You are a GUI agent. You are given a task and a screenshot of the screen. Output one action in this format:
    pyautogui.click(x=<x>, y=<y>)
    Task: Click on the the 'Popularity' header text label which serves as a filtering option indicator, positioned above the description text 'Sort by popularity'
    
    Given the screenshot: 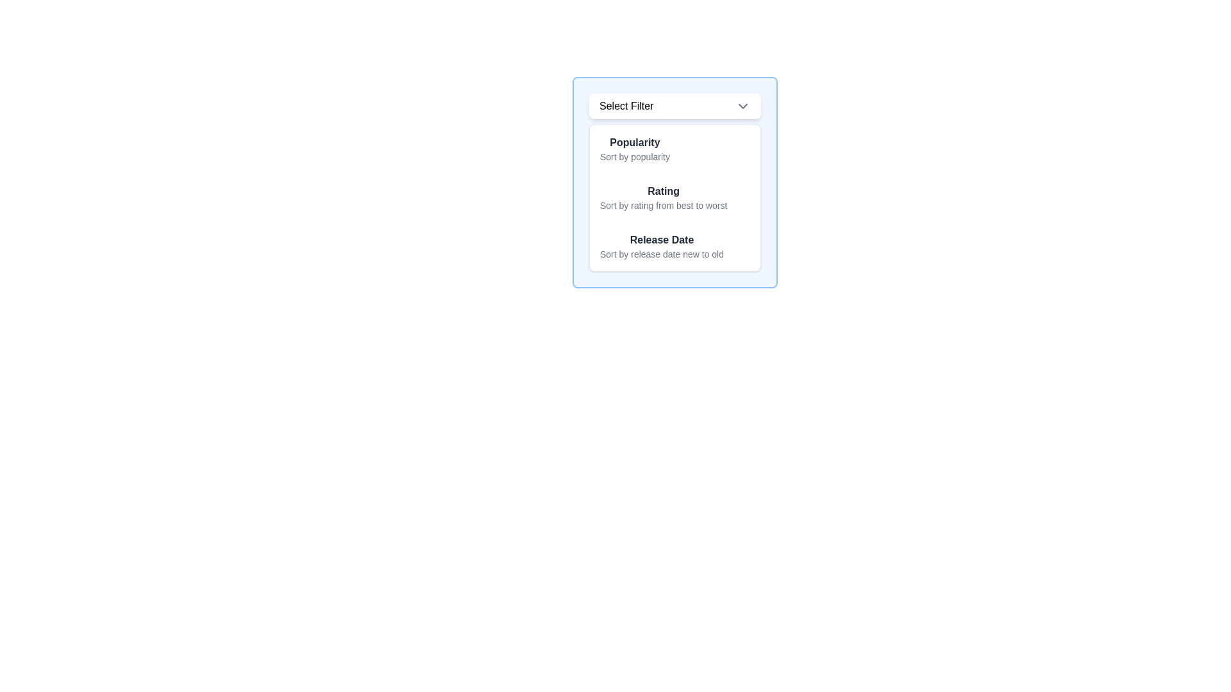 What is the action you would take?
    pyautogui.click(x=635, y=143)
    